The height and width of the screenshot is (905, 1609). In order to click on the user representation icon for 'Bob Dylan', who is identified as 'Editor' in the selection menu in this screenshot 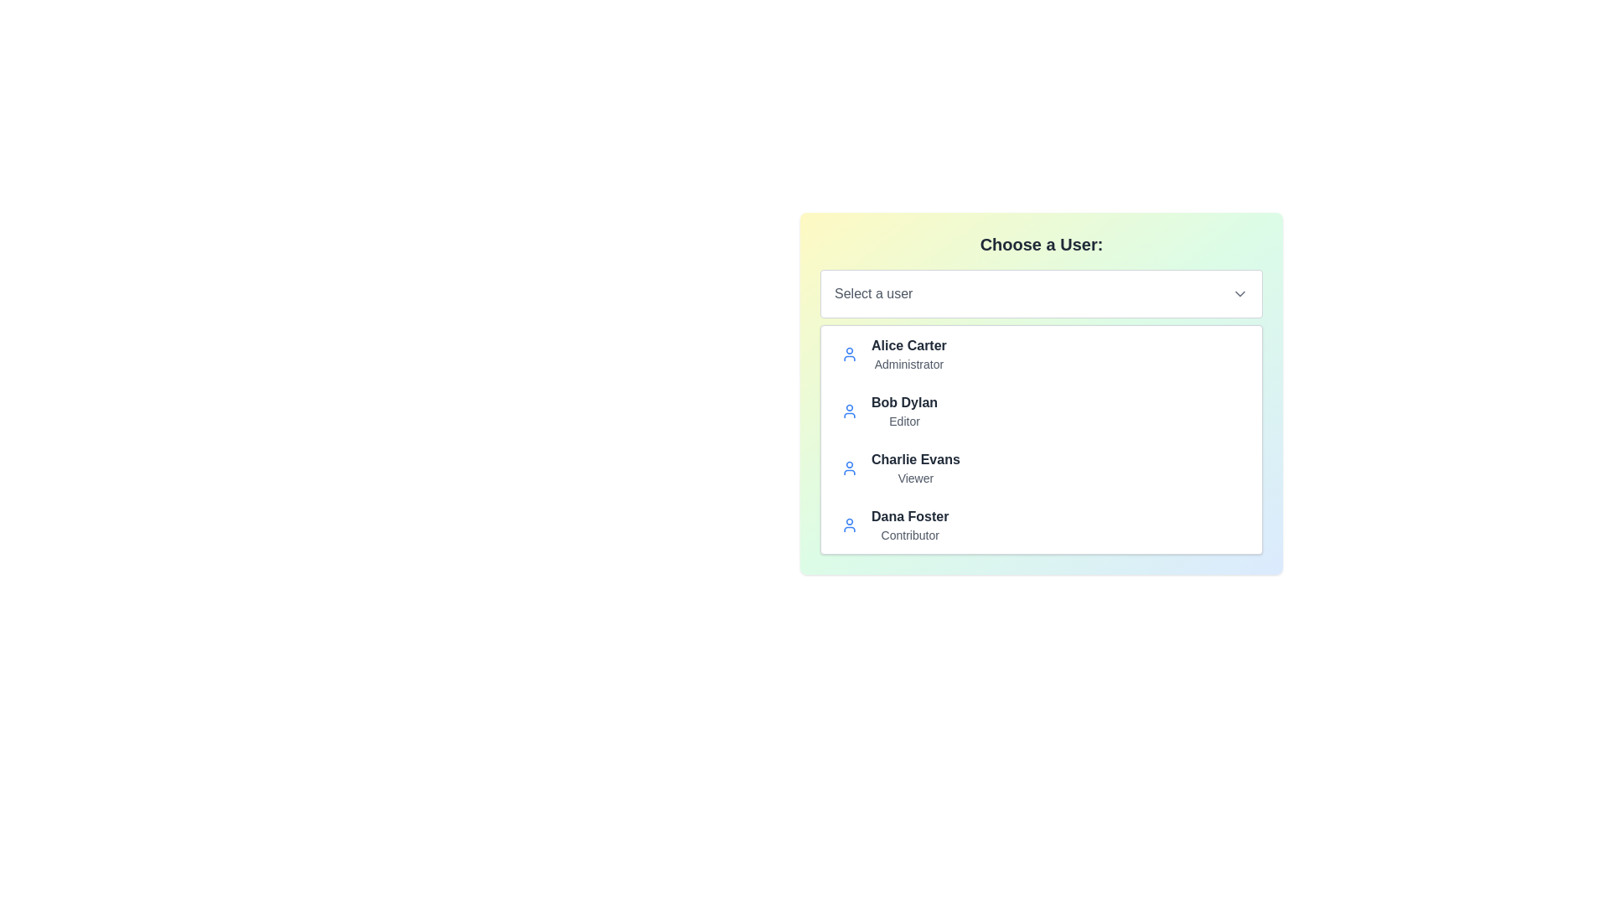, I will do `click(849, 411)`.